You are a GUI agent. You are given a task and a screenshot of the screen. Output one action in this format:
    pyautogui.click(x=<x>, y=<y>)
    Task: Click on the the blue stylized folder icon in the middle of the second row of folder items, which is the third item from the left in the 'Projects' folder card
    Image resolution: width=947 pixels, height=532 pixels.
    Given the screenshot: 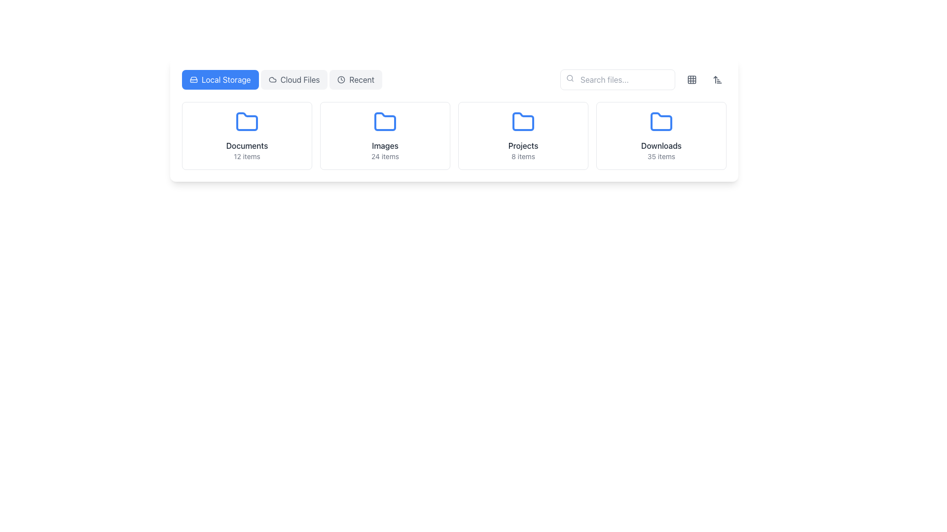 What is the action you would take?
    pyautogui.click(x=522, y=121)
    